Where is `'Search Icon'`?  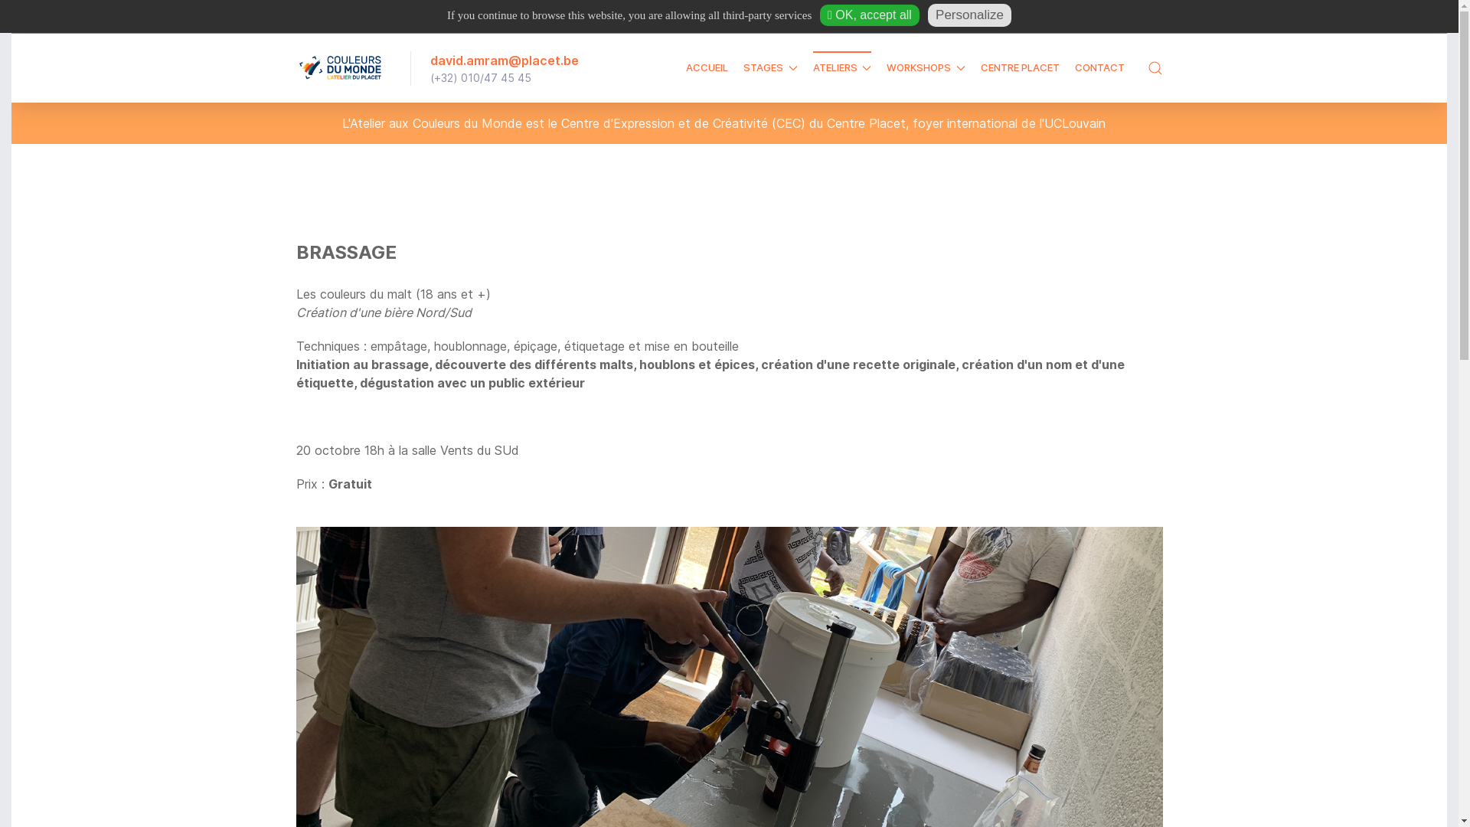
'Search Icon' is located at coordinates (1154, 67).